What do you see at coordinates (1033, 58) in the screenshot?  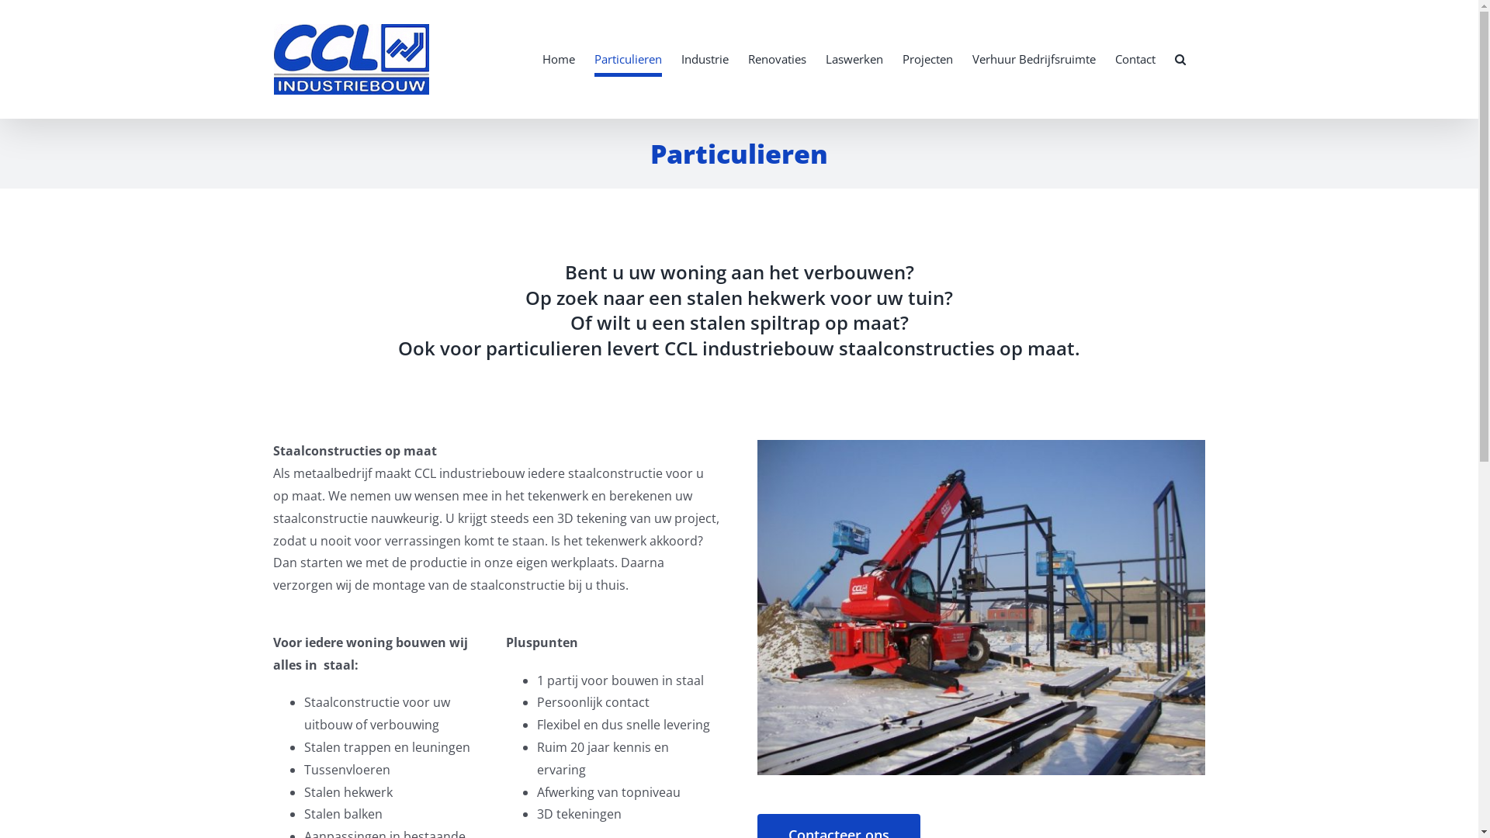 I see `'Verhuur Bedrijfsruimte'` at bounding box center [1033, 58].